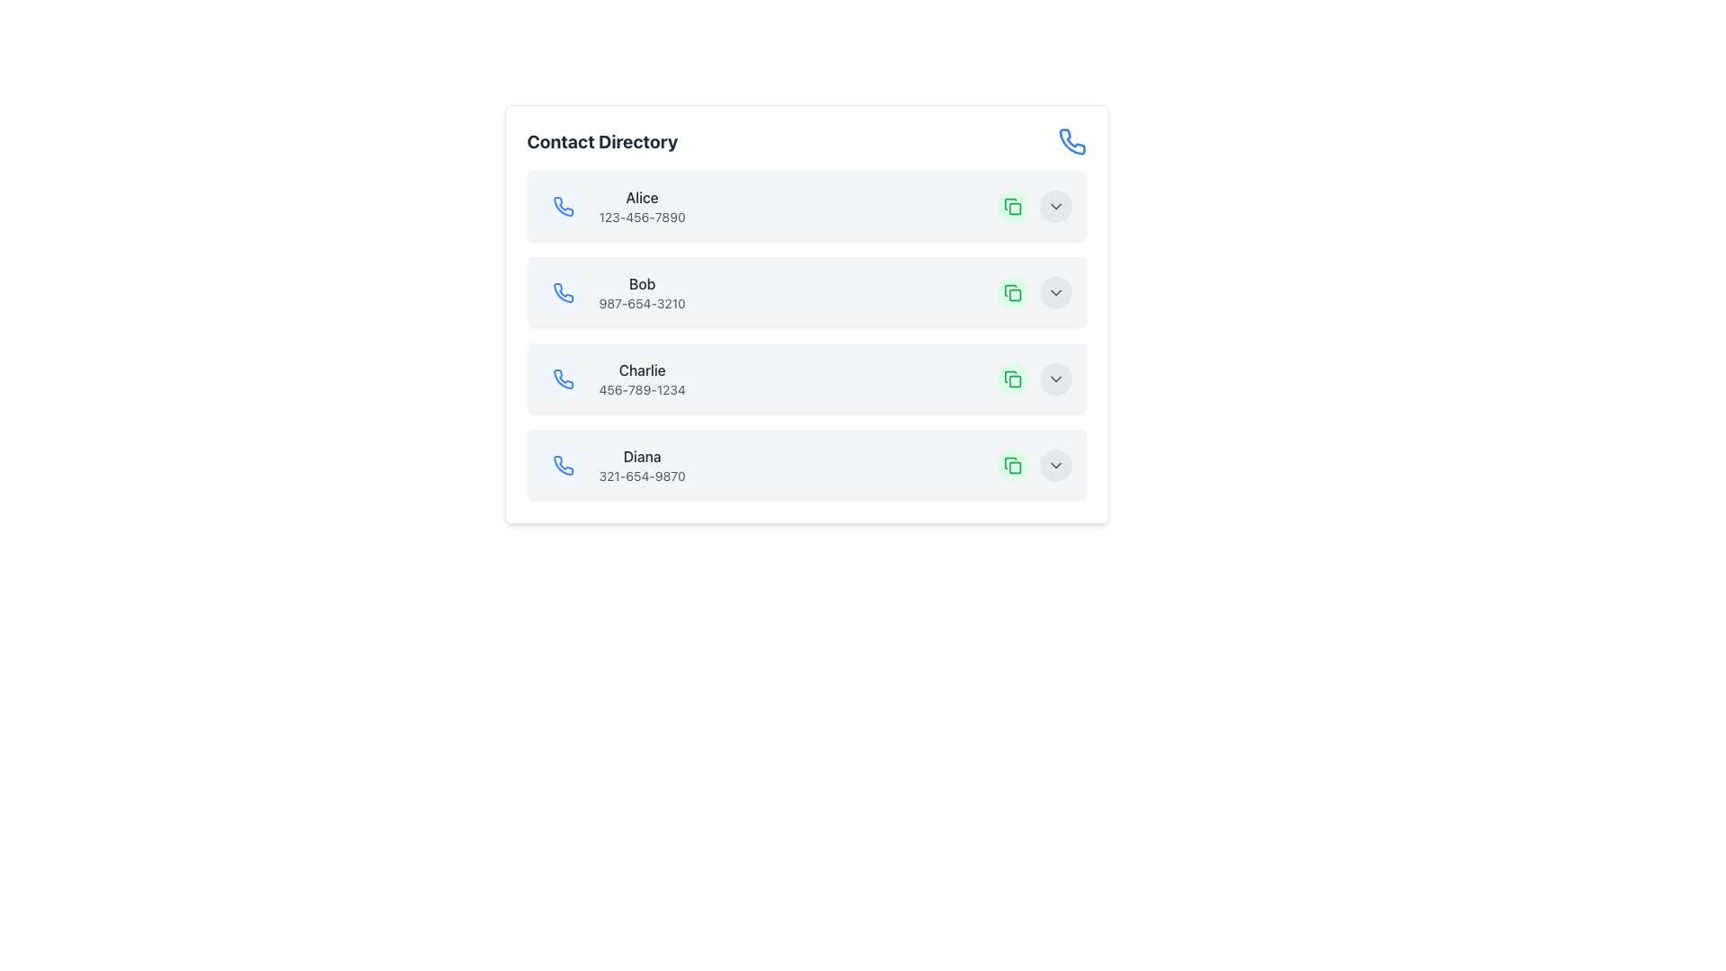  What do you see at coordinates (1055, 464) in the screenshot?
I see `the downward arrow icon in the last row of the contact entries list` at bounding box center [1055, 464].